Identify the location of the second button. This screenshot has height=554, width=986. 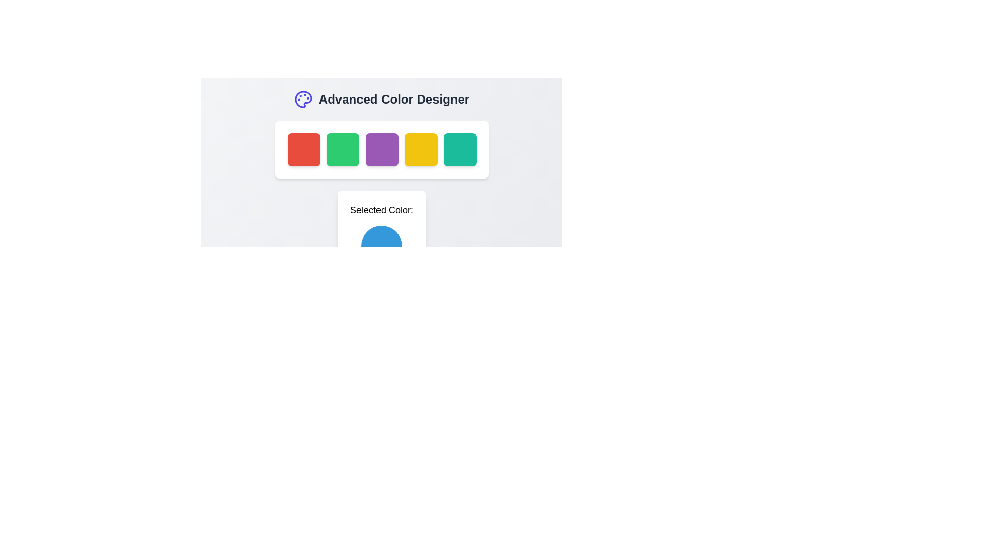
(343, 150).